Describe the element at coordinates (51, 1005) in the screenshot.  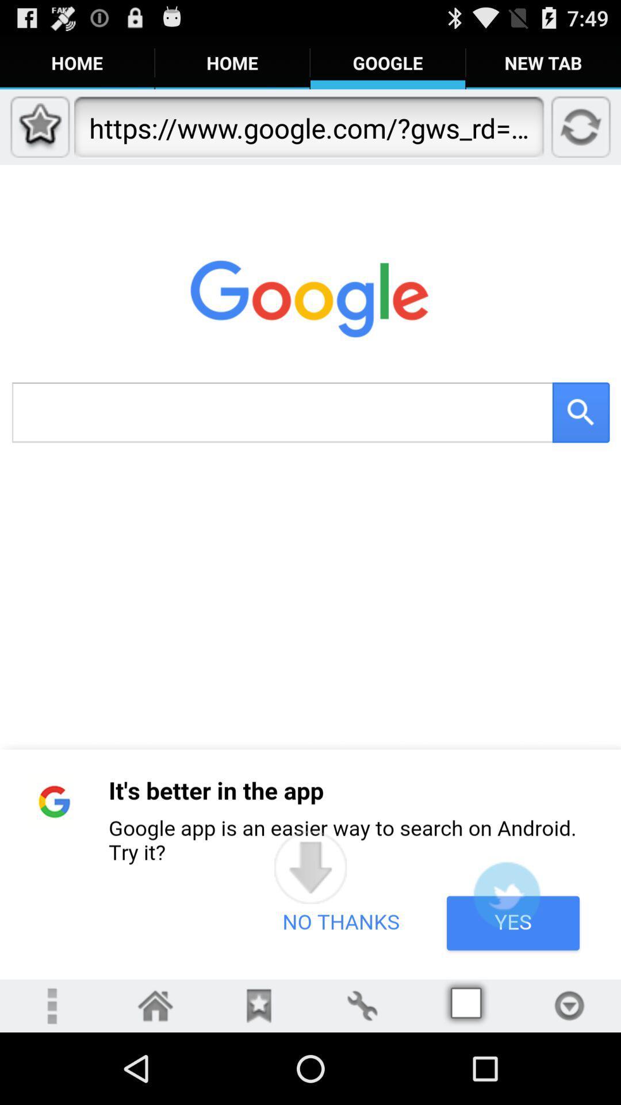
I see `open menu` at that location.